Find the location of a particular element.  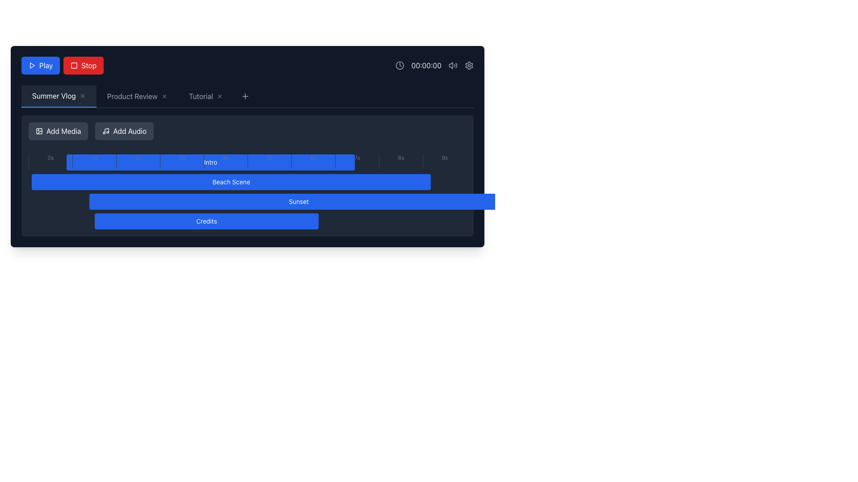

the static text displaying the timestamp '00:00:00', which is located on the right end of a horizontal toolbar group, preceded by a clock icon and followed by a volume control icon and a settings gear icon is located at coordinates (434, 65).